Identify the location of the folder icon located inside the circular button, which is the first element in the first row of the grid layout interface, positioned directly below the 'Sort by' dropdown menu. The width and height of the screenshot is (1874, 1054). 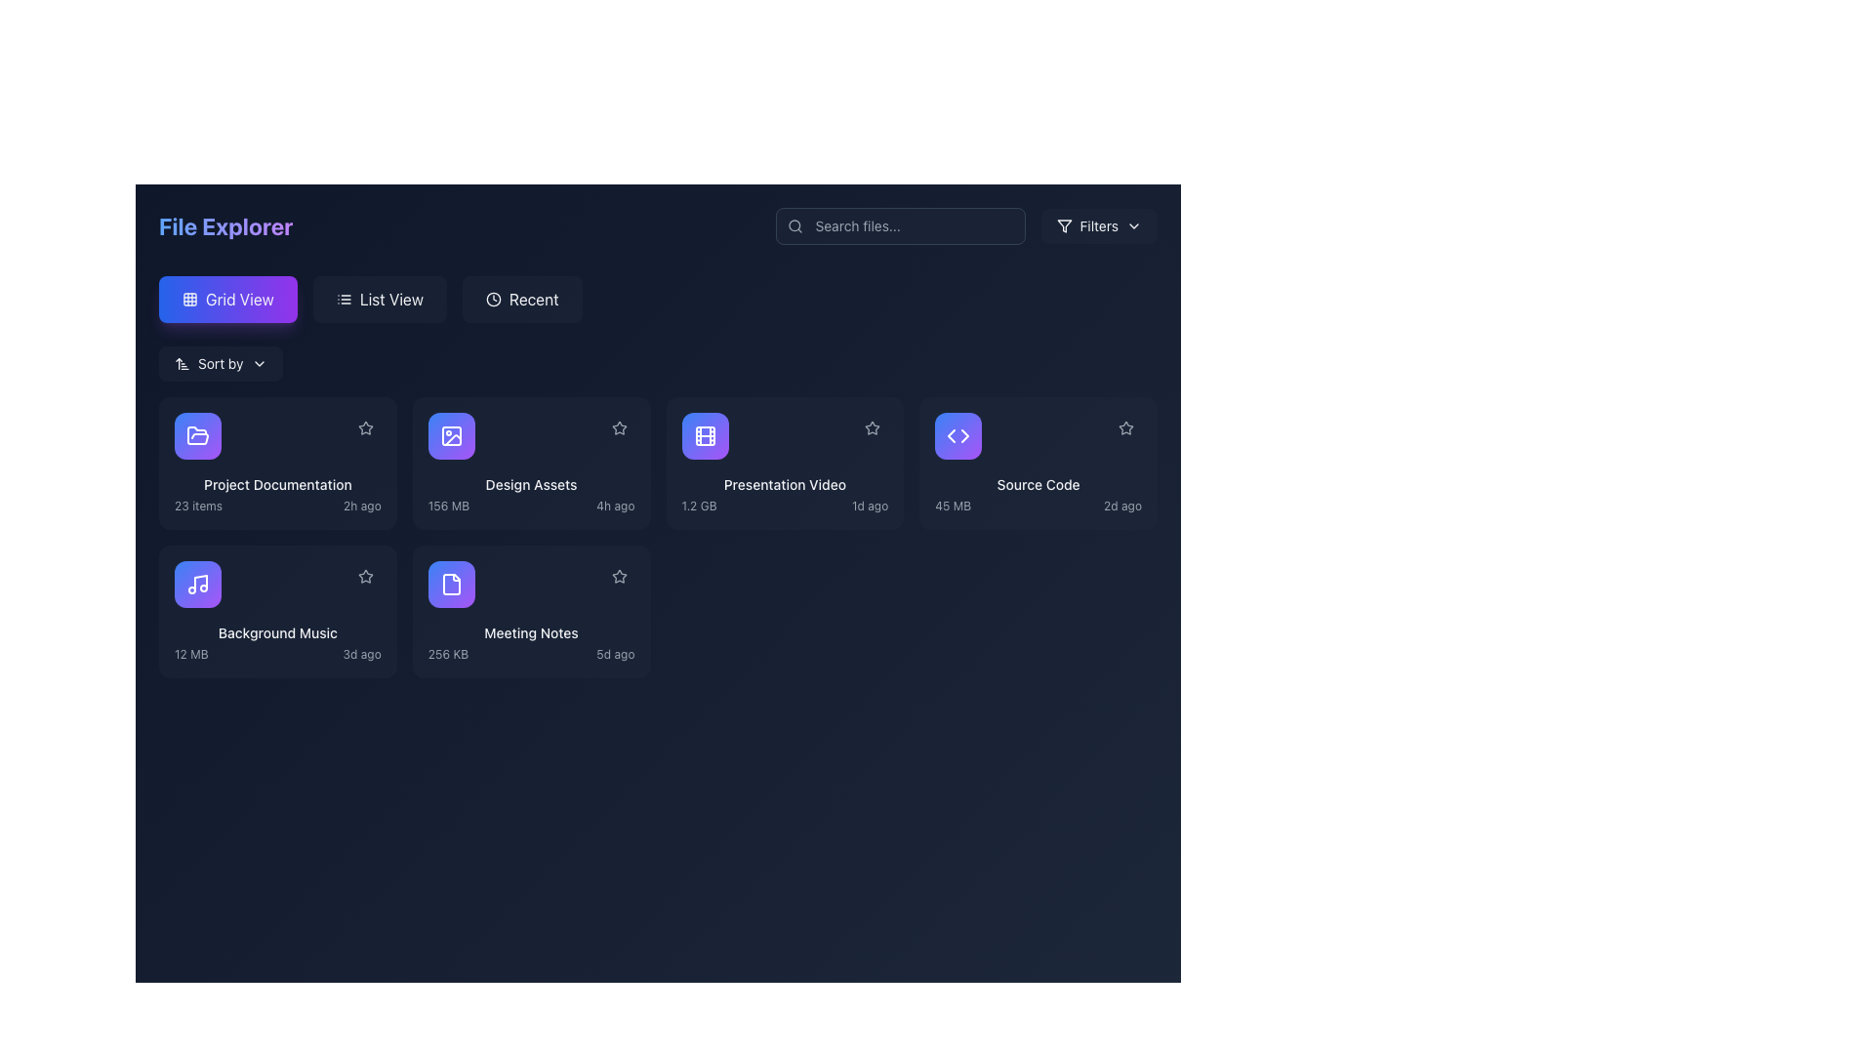
(197, 435).